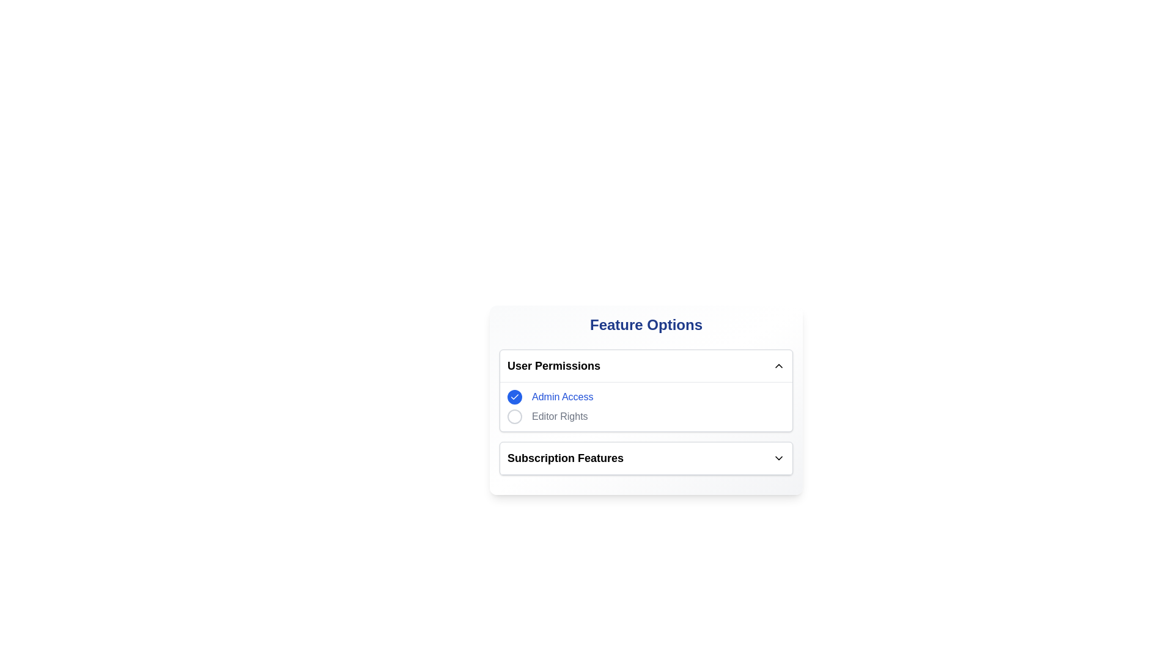 The width and height of the screenshot is (1174, 660). I want to click on the Circle icon, which is the leftmost component under the heading 'User Permissions' and next to the text 'Editor Rights', so click(514, 416).